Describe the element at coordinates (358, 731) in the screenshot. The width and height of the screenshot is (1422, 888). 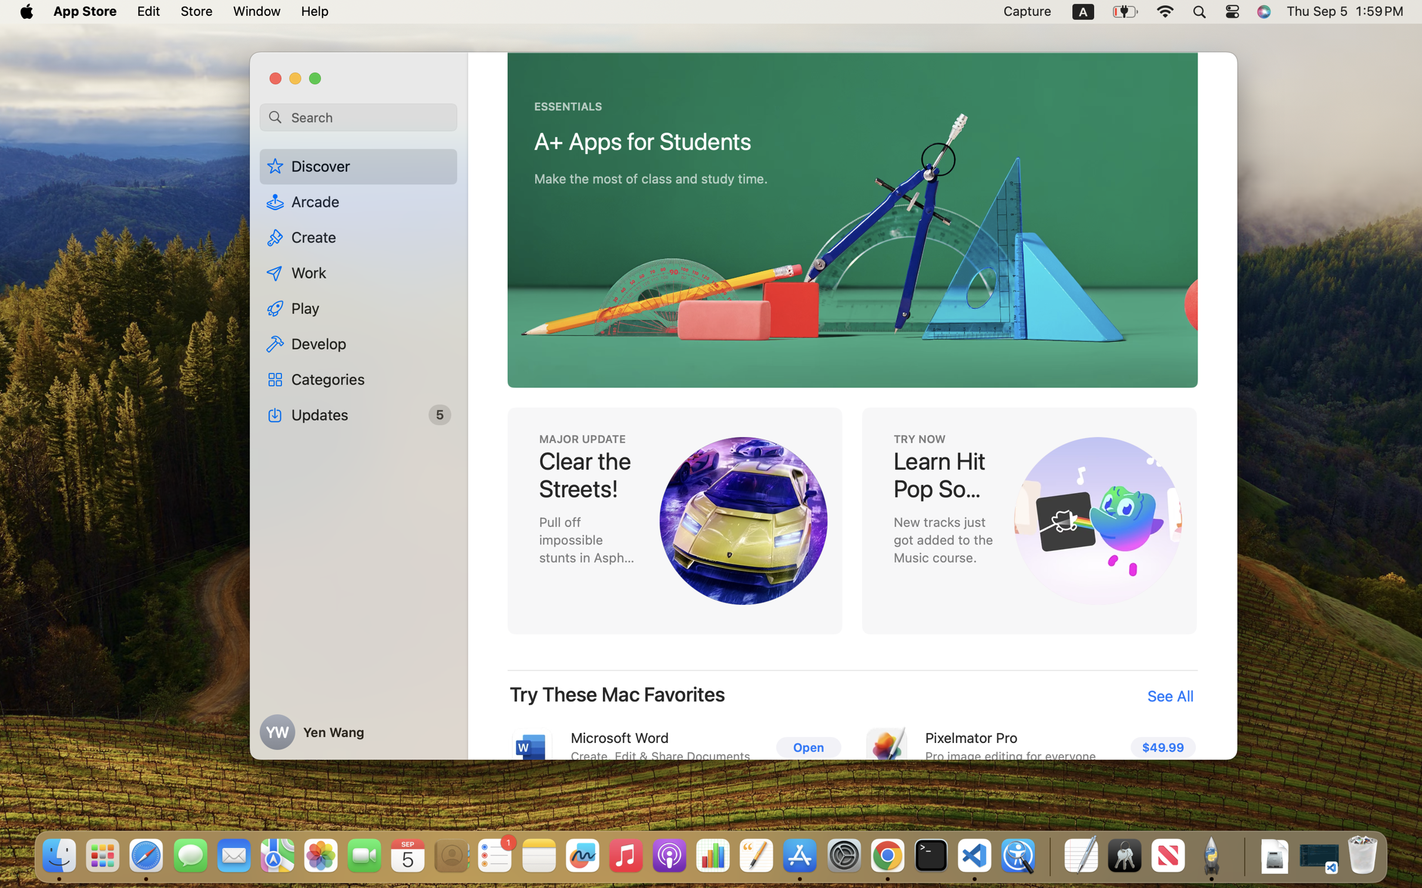
I see `'Yen Wang'` at that location.